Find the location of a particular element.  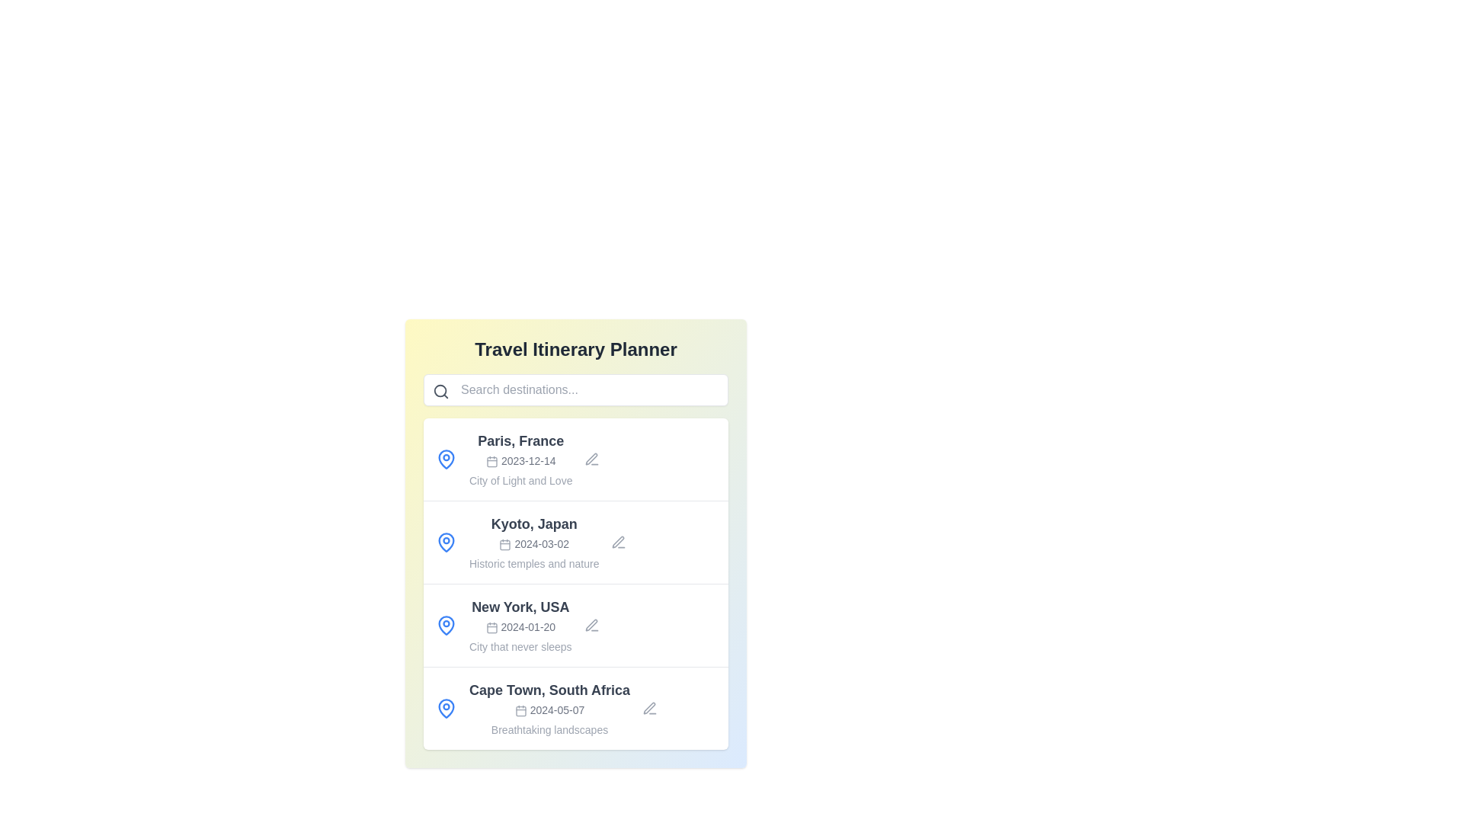

the graphical icon component of the calendar icon that is positioned to the left of the date '2024-01-20', which is part of the 'New York, USA' itinerary entry is located at coordinates (491, 628).